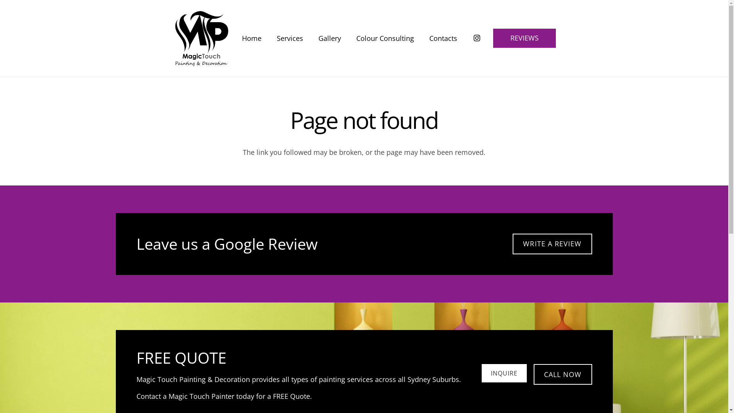  I want to click on 'Gallery', so click(330, 38).